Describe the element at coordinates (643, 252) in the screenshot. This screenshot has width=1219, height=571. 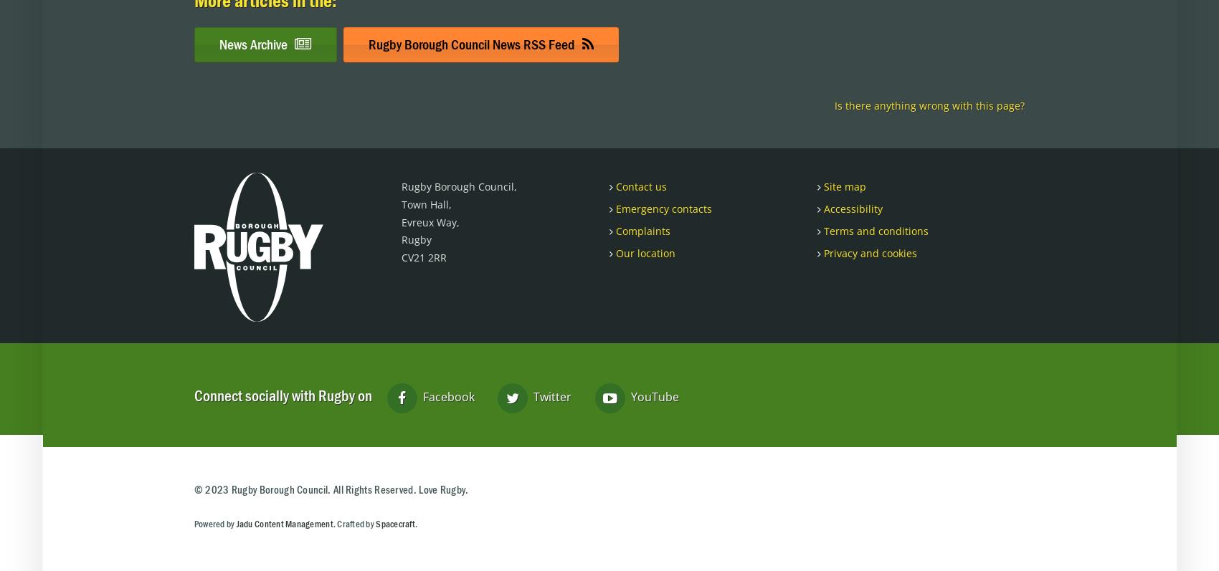
I see `'Our location'` at that location.